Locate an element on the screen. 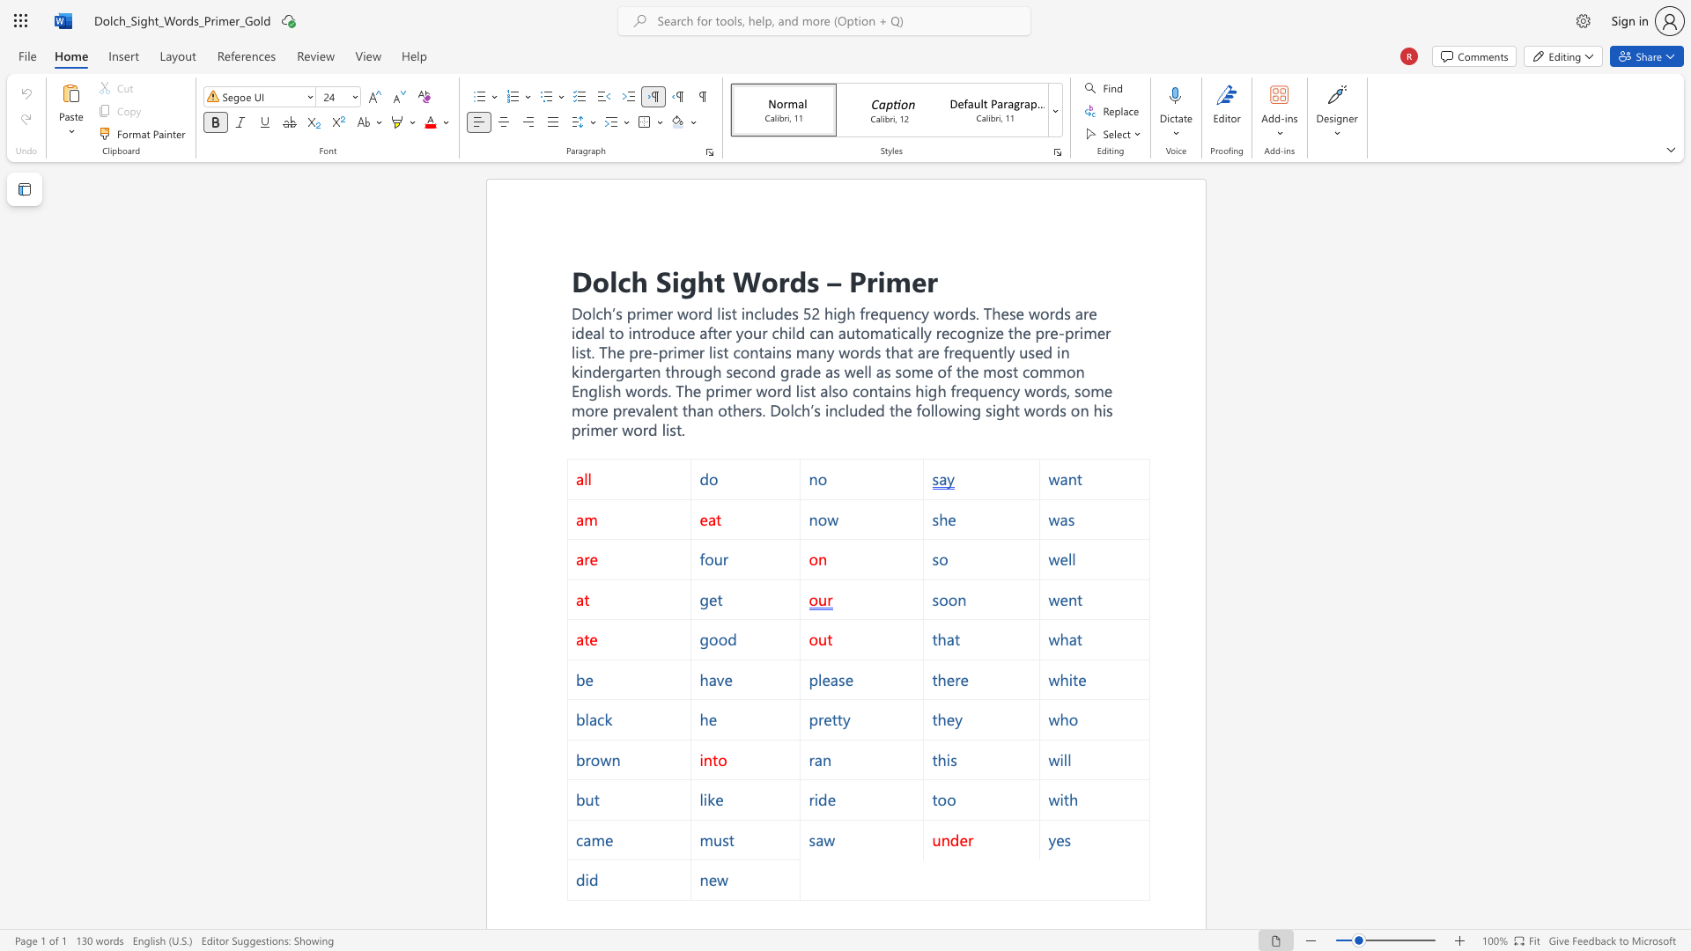 The height and width of the screenshot is (951, 1691). the subset text ". The" within the text "Dolch’s primer word list includes 52 high frequency words. These words are ideal to introduce after your child can automatically recognize the pre-primer list. The pre-primer list" is located at coordinates (591, 352).